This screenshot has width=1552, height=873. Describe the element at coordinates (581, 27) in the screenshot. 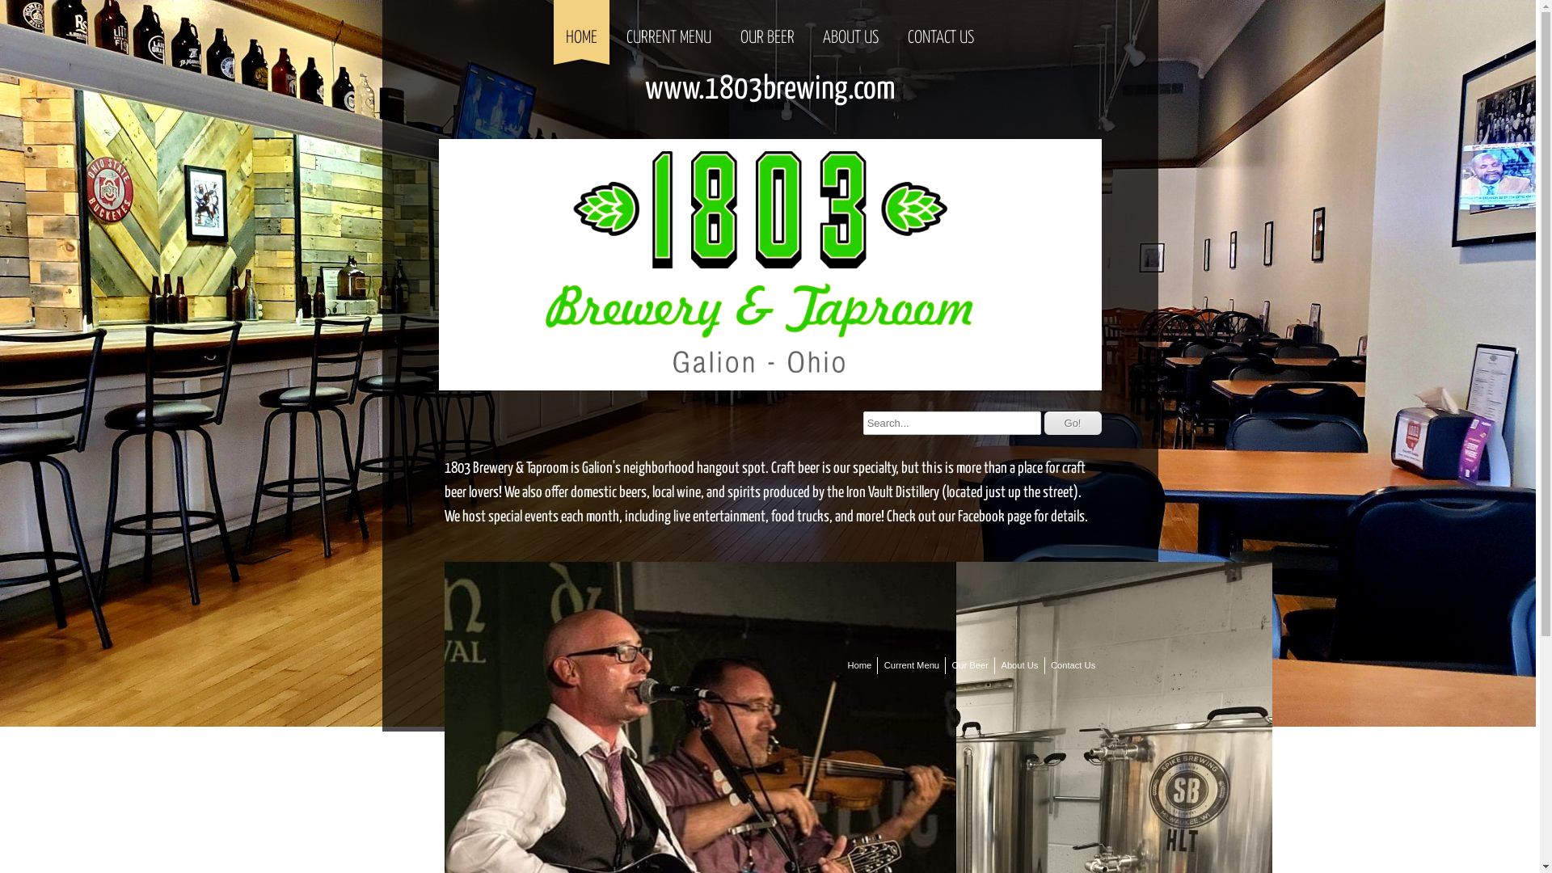

I see `'HOME'` at that location.